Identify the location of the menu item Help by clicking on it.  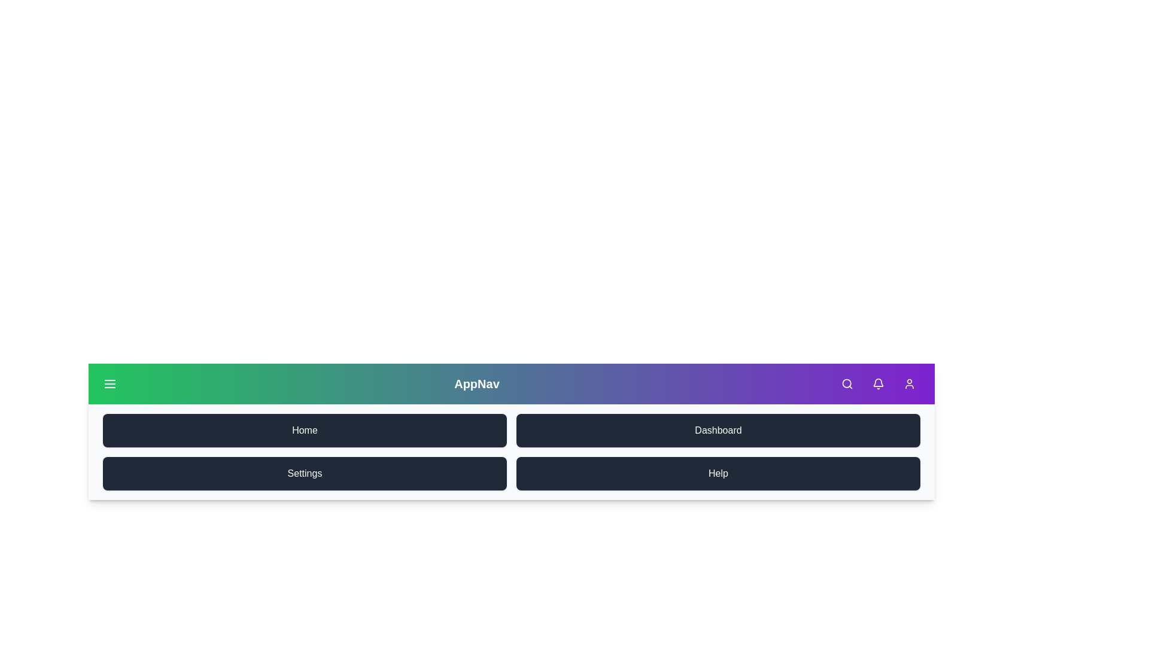
(718, 473).